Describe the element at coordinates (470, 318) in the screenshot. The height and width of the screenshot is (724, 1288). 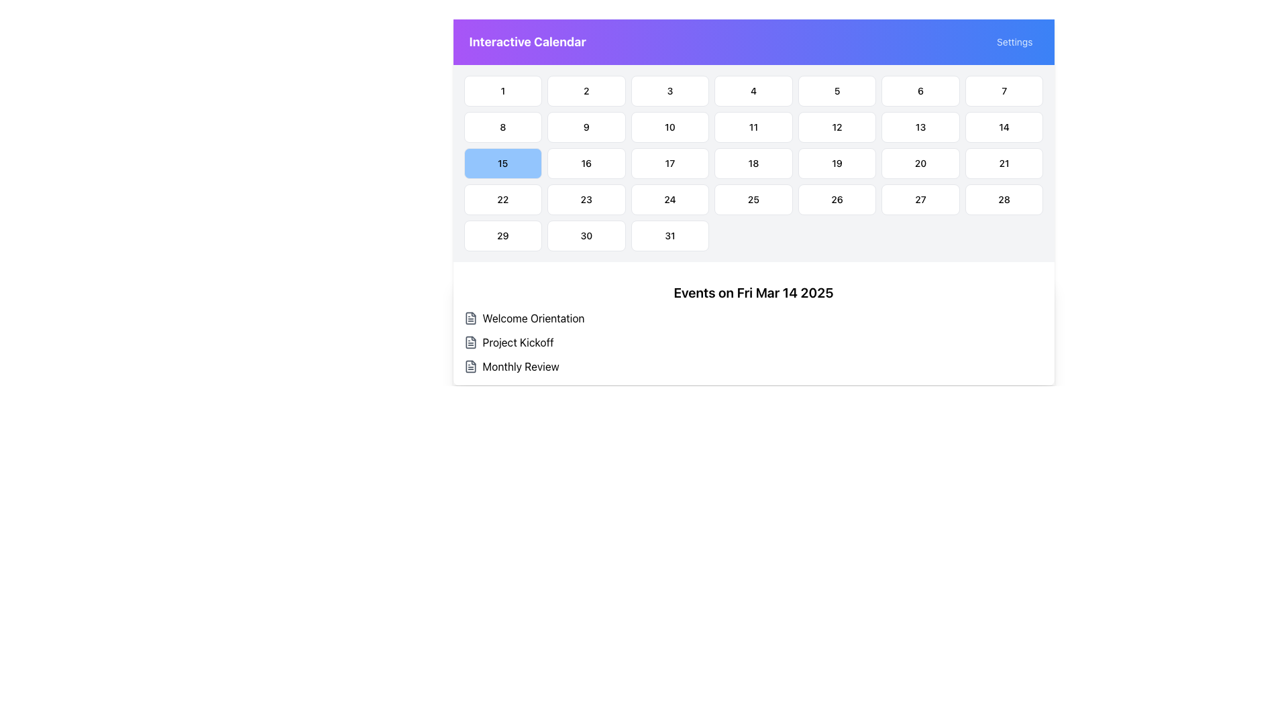
I see `the document icon, which is a grayish rectangular shape located next to the event titled 'Welcome Orientation' in the event list section` at that location.